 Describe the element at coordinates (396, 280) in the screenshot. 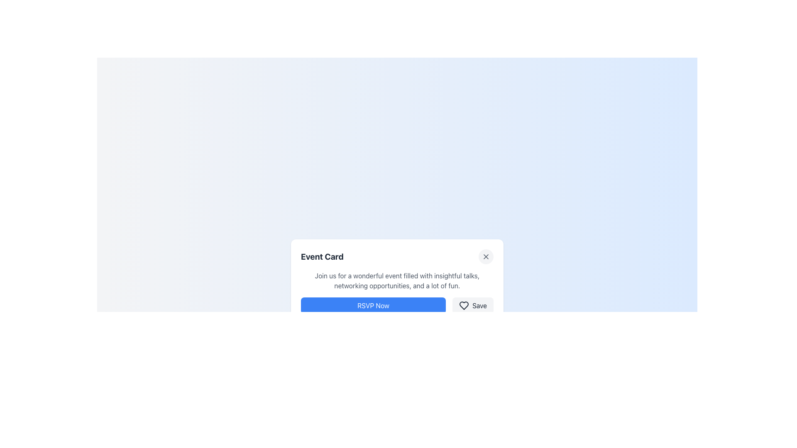

I see `the descriptive text block located centrally within the modal card, directly below the 'Event Card' heading and above the 'RSVP Now' and 'Save' action buttons` at that location.